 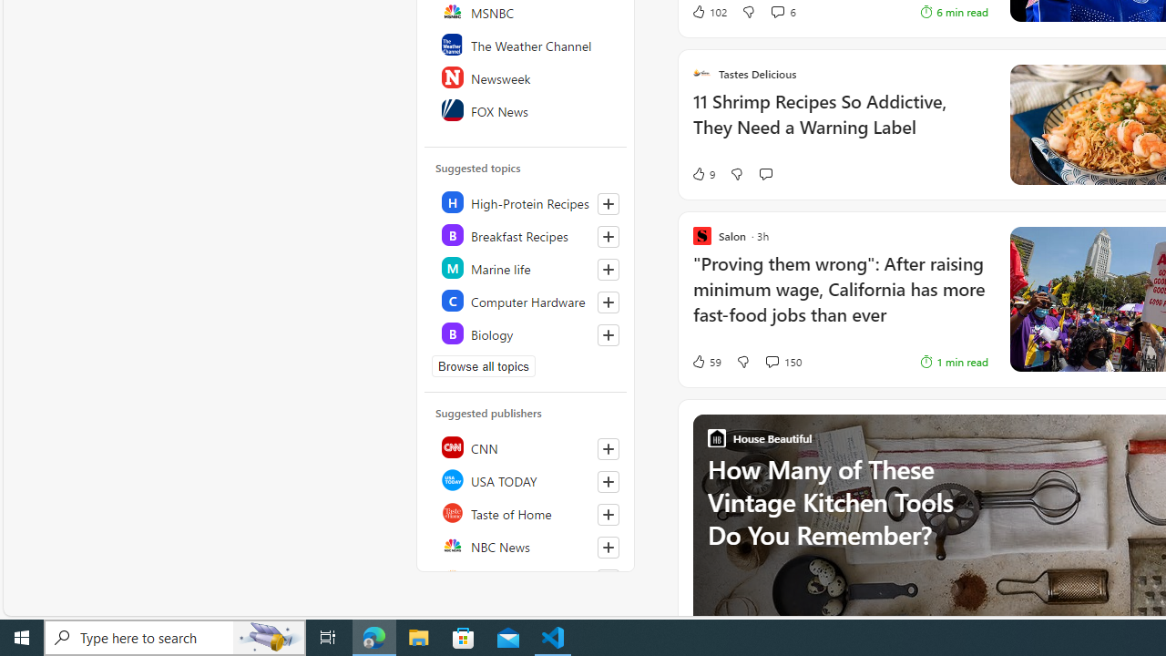 I want to click on 'View comments 6 Comment', so click(x=777, y=11).